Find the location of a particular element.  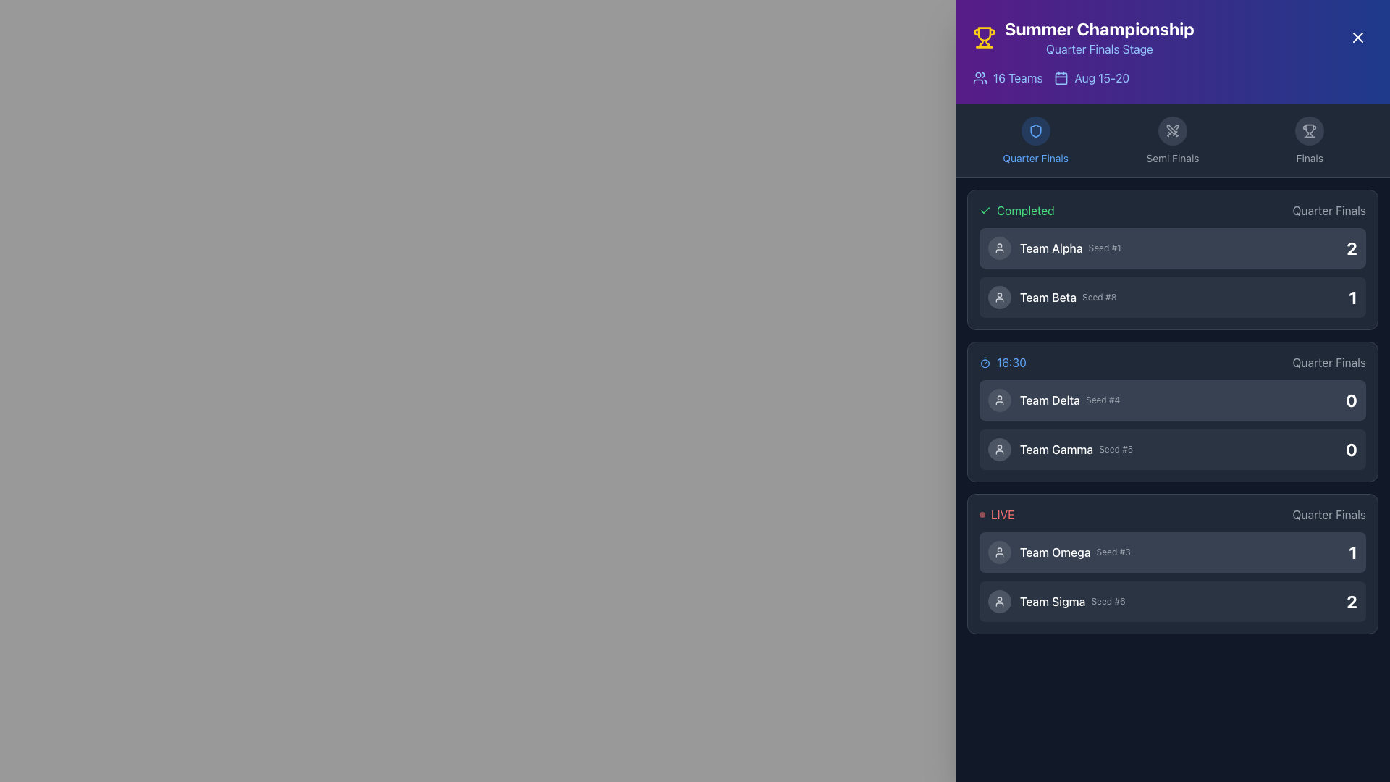

the text label that identifies a team and its seed in a tournament, positioned to the right of a circular avatar icon, as the first entry in the 'Completed' section of a dark-themed panel is located at coordinates (1070, 248).